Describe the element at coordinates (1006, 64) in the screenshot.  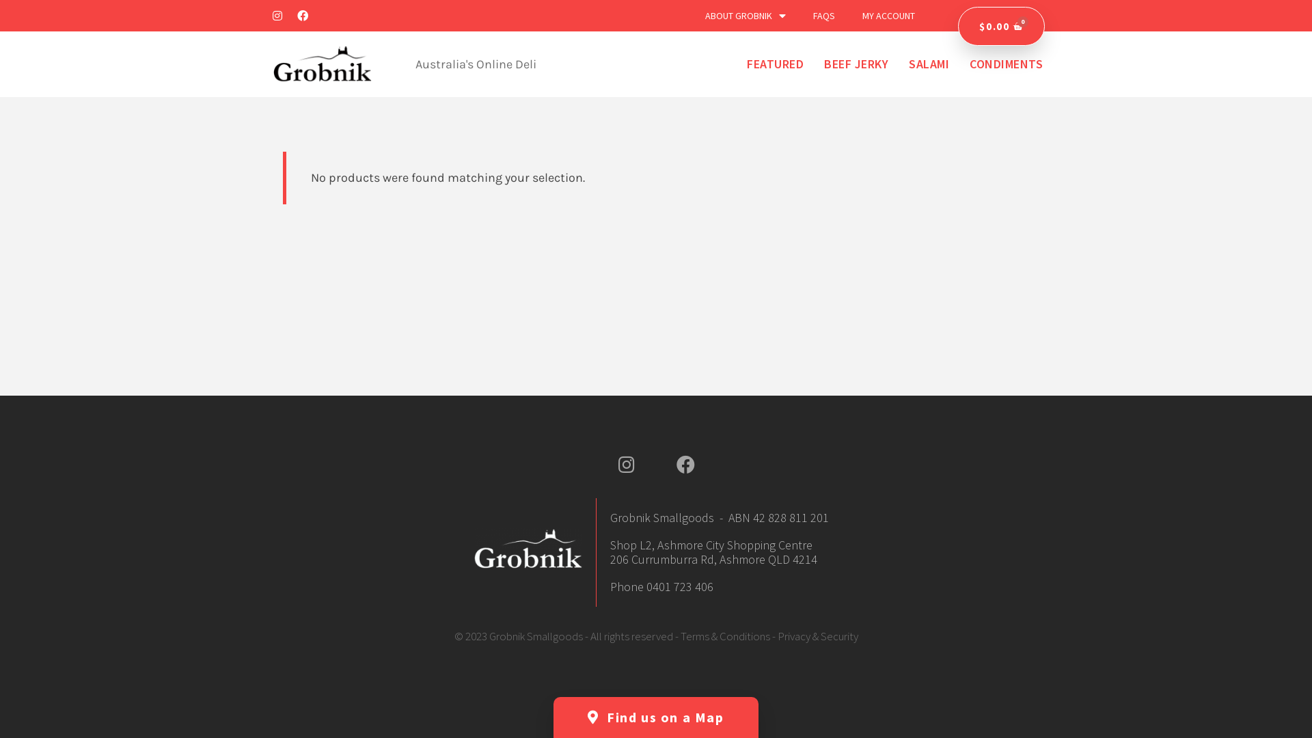
I see `'CONDIMENTS'` at that location.